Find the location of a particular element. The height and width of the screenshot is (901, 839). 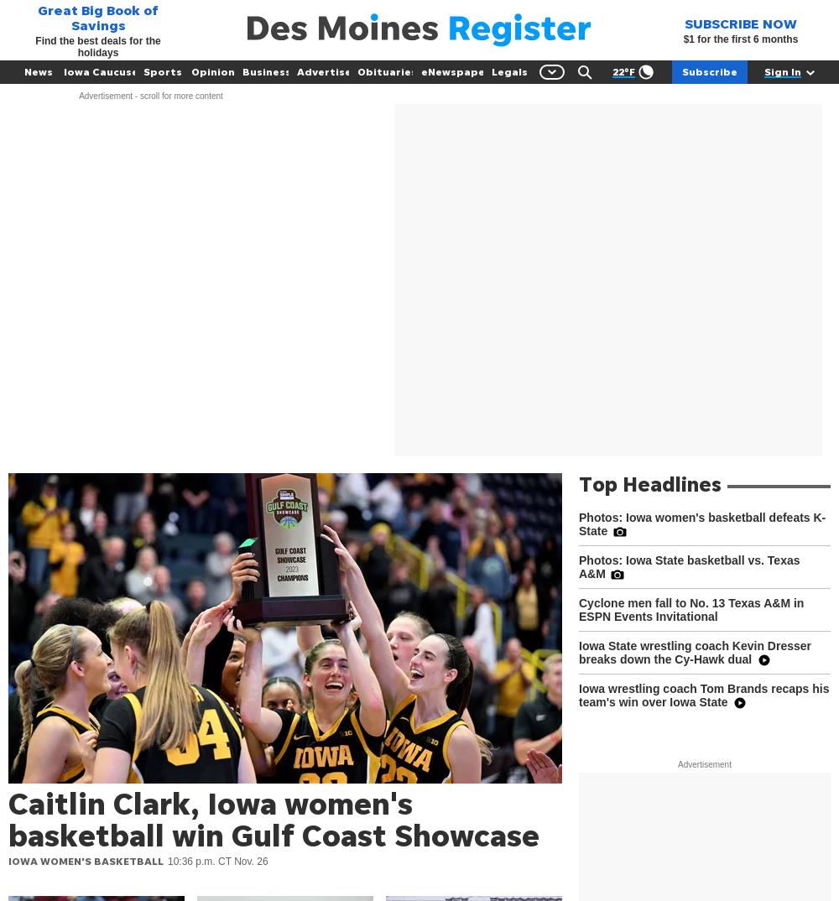

'Cyclone men fall to No. 13 Texas A&M in ESPN Events Invitational' is located at coordinates (690, 609).